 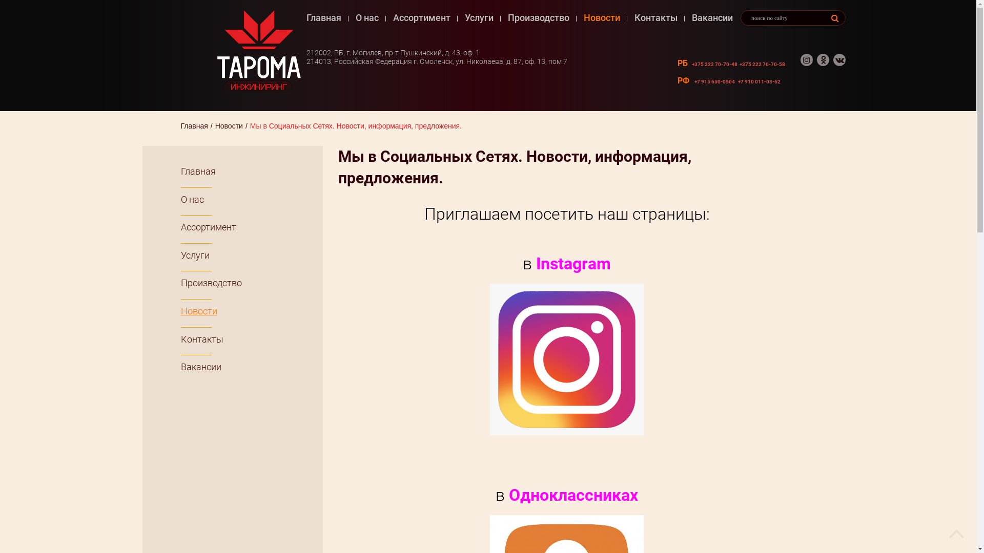 I want to click on '+375 222 70-70-58', so click(x=762, y=64).